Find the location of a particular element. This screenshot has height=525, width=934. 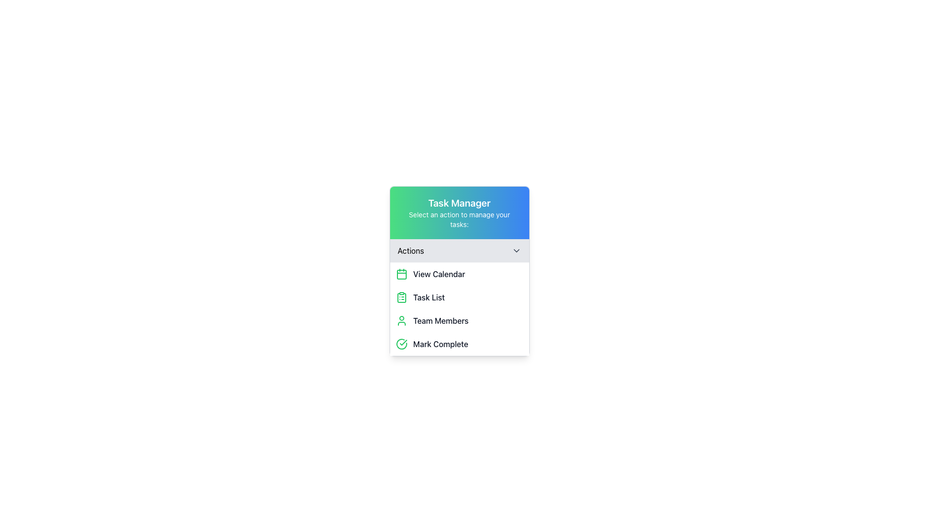

the 'View Calendar' text label, which is styled with medium-weight dark gray font and located inside the 'Actions' group, to the right of the calendar icon is located at coordinates (438, 274).